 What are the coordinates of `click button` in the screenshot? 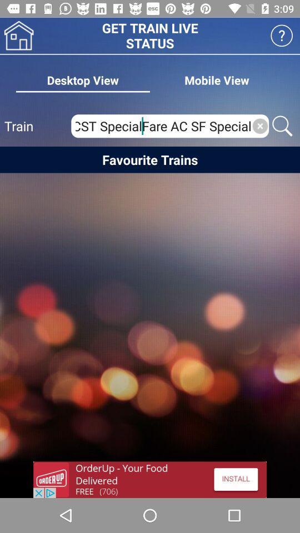 It's located at (282, 36).